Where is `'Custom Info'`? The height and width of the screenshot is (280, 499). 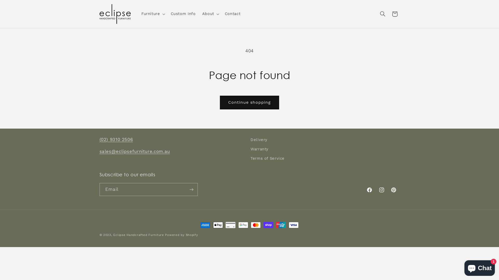
'Custom Info' is located at coordinates (183, 14).